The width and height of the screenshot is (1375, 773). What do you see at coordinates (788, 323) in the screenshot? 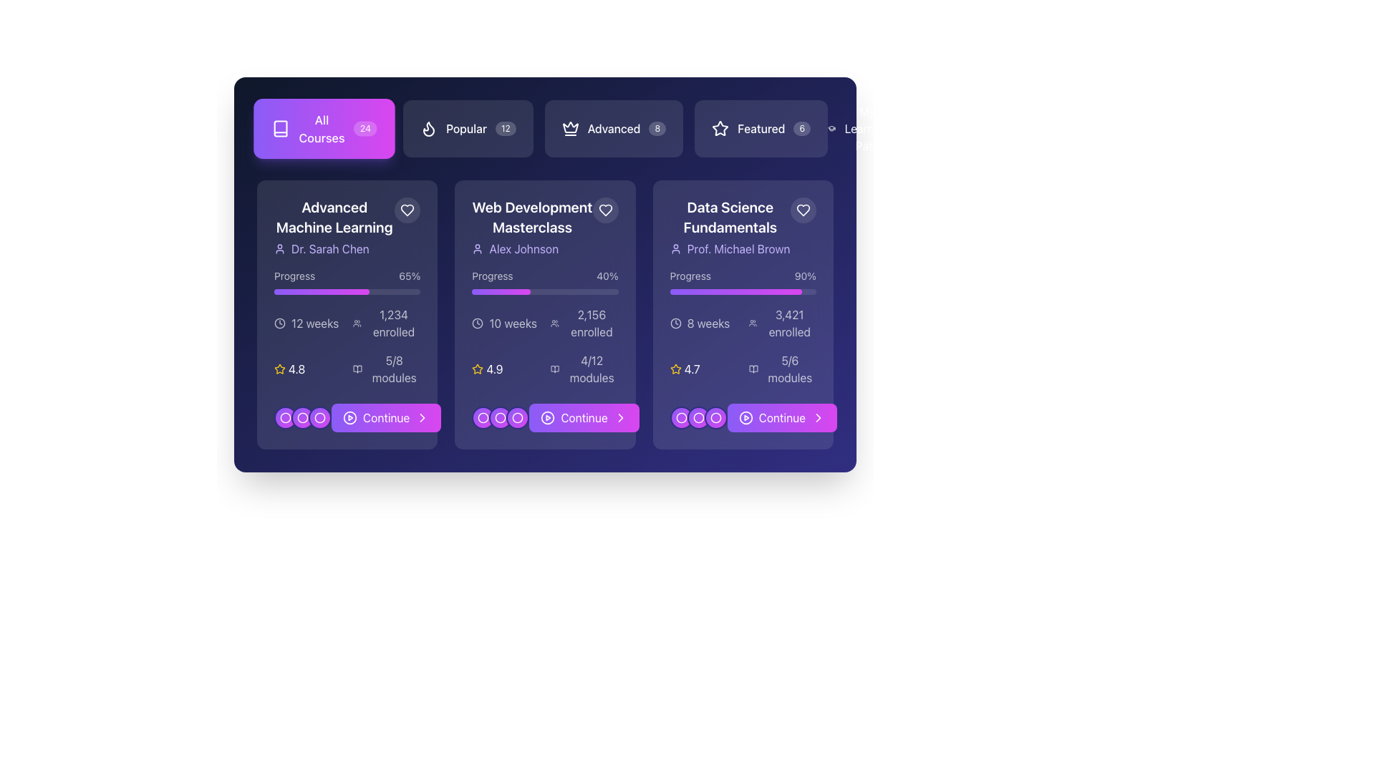
I see `the text label displaying '3,421 enrolled' in a semi-transparent style, located within the 'Data Science Fundamentals' card on the rightmost side, positioned above the bottom row of icons and buttons` at bounding box center [788, 323].